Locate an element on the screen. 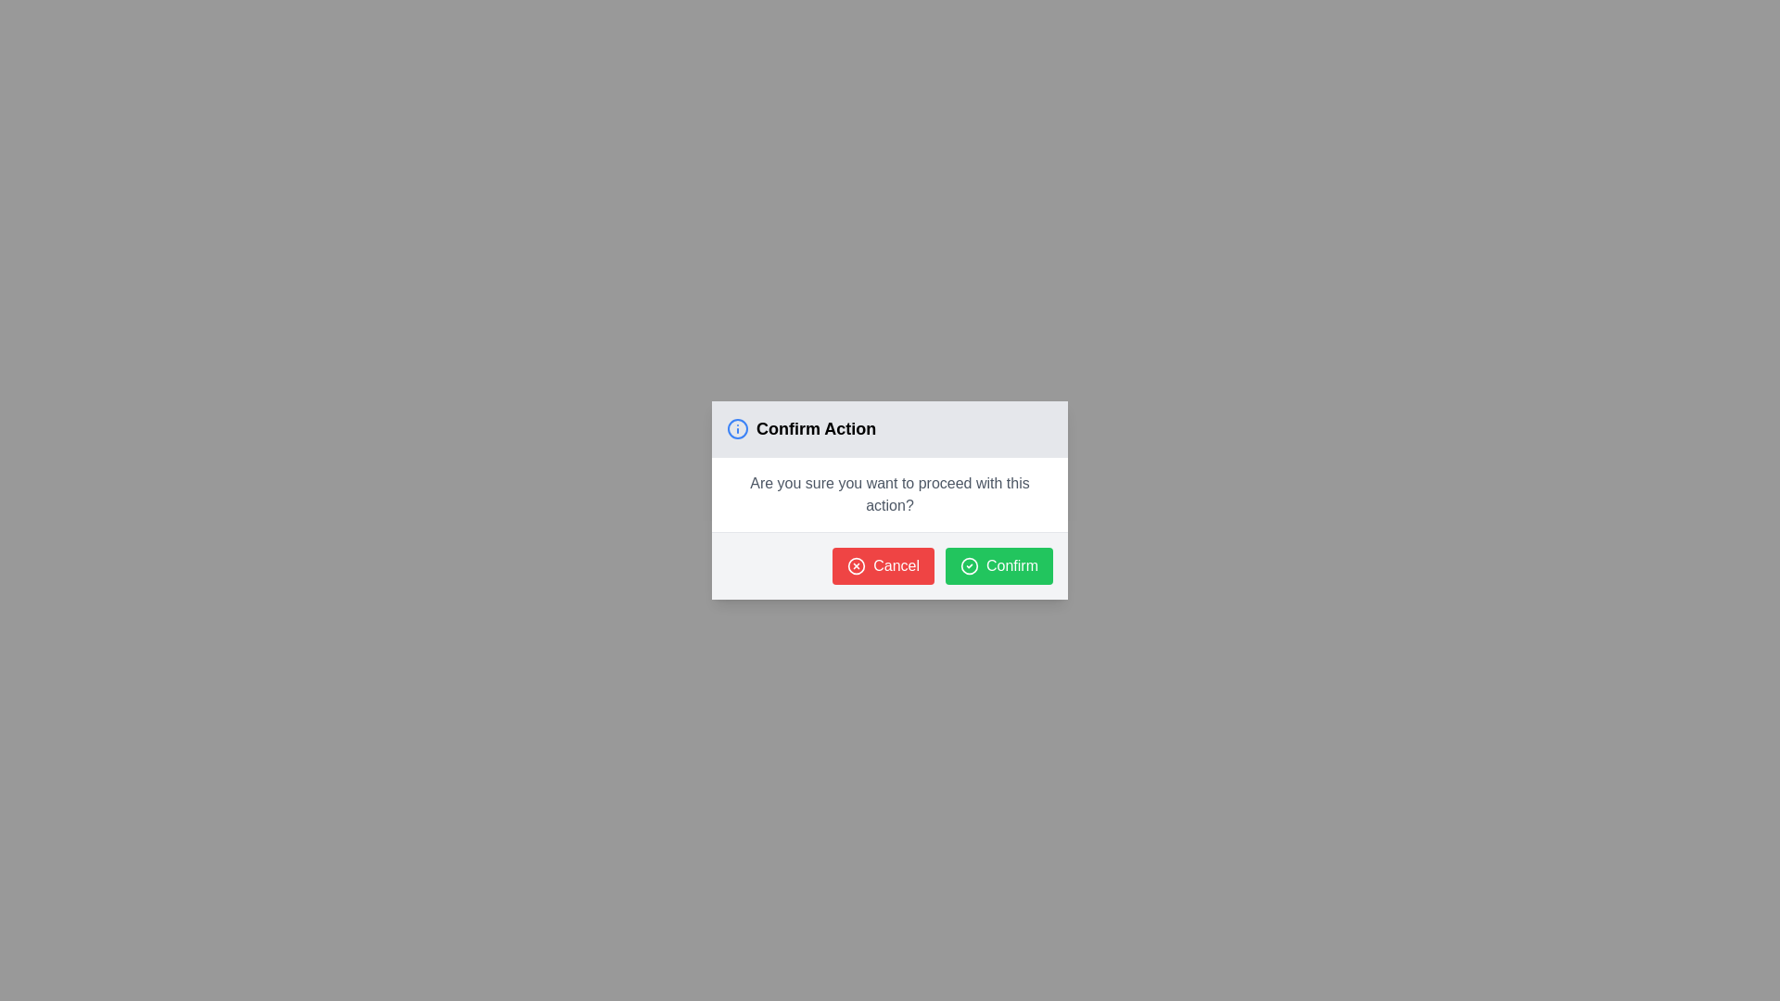  the cancel button located at the bottom-right section of the modal dialog, immediately is located at coordinates (883, 564).